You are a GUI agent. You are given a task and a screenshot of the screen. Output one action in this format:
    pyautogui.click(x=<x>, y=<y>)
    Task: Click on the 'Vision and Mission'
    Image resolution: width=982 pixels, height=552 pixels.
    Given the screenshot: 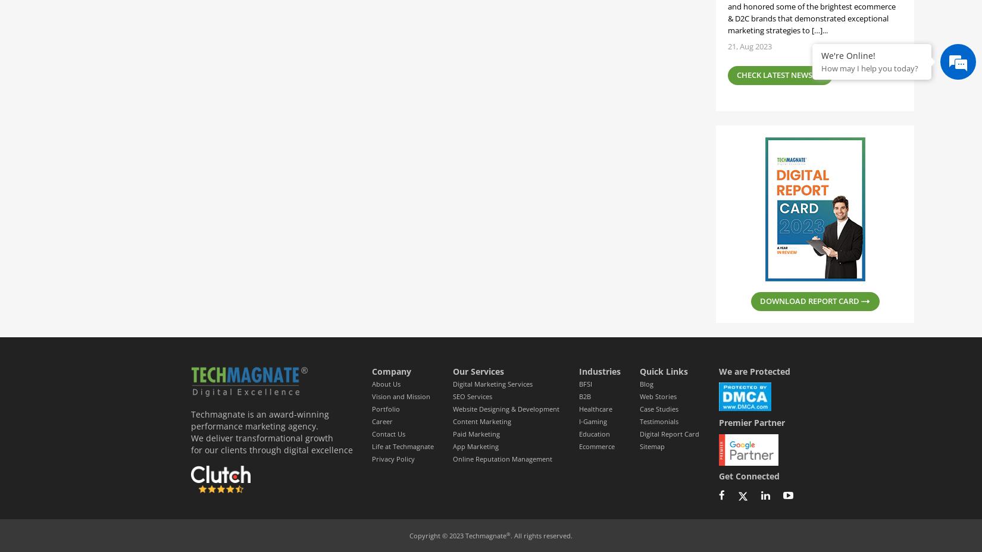 What is the action you would take?
    pyautogui.click(x=401, y=396)
    